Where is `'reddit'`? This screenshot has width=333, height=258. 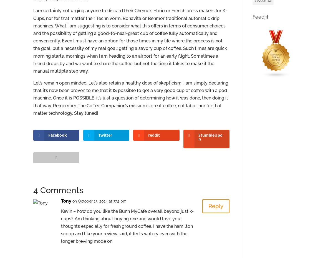
'reddit' is located at coordinates (154, 135).